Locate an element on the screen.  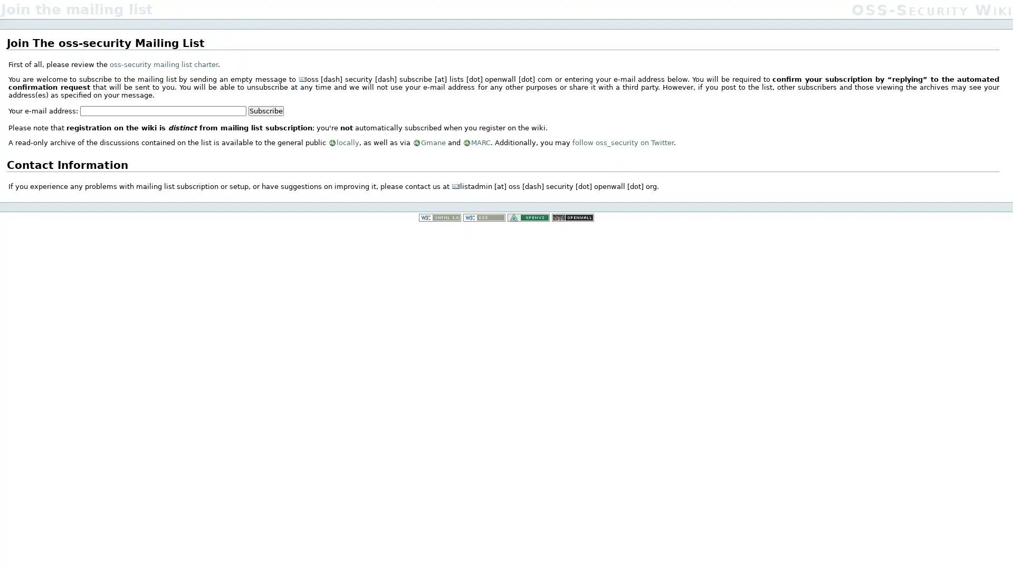
Subscribe is located at coordinates (265, 110).